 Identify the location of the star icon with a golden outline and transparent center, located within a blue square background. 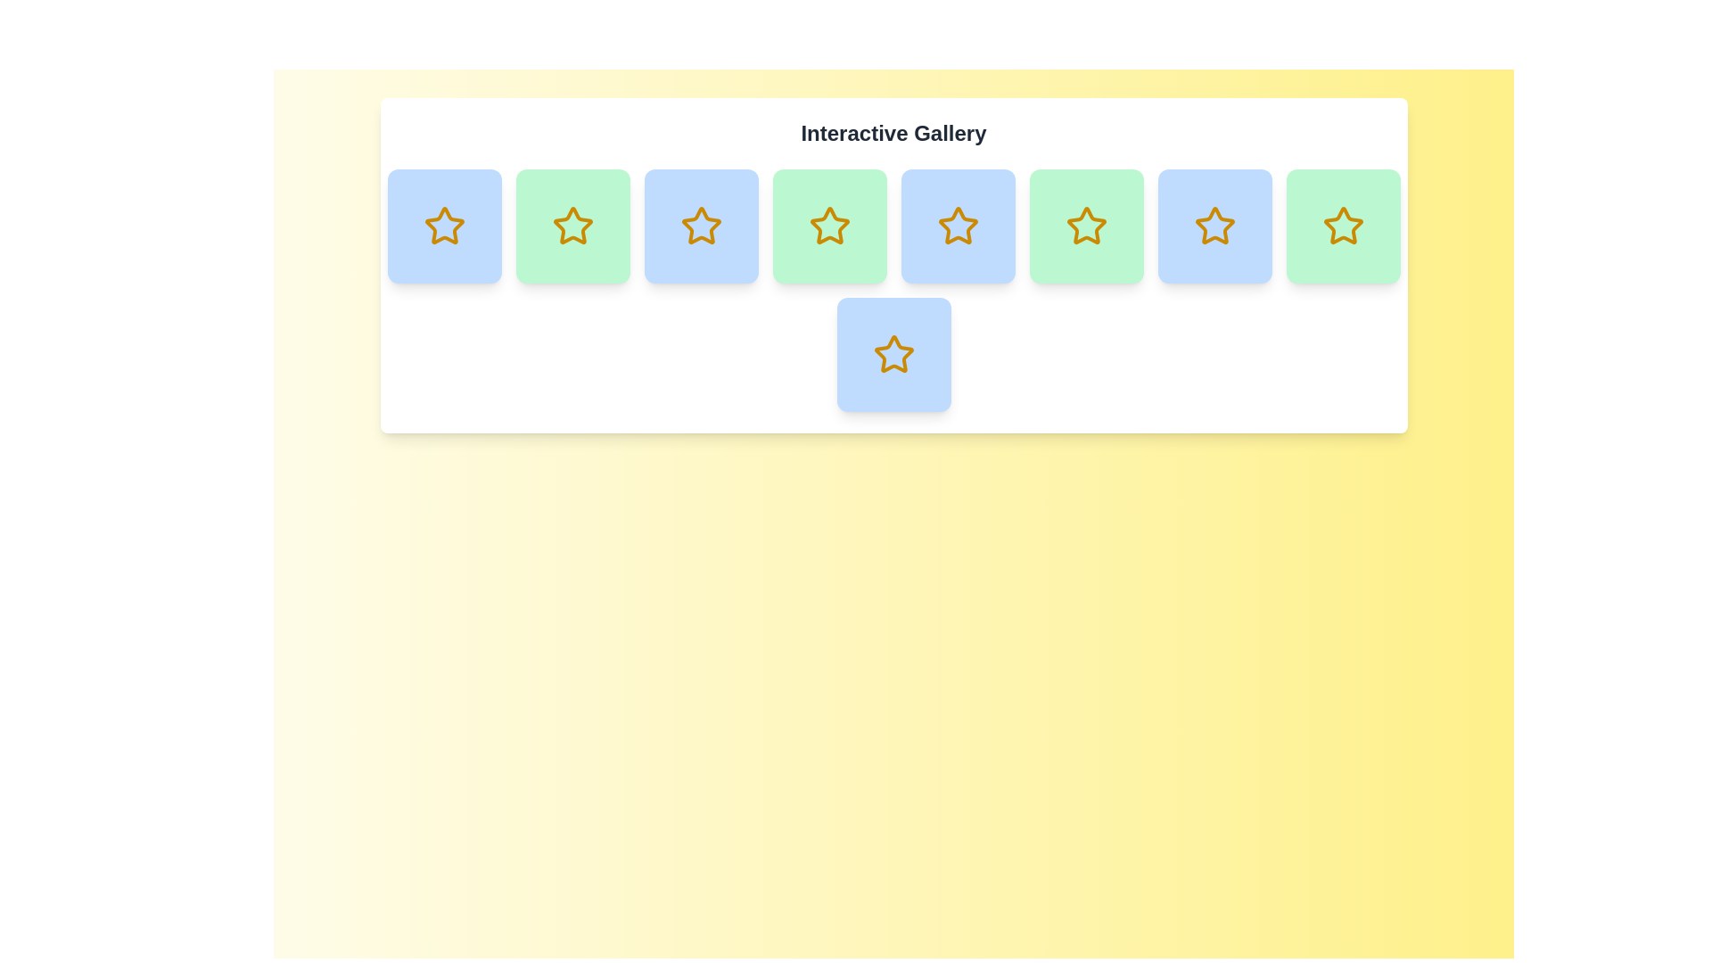
(700, 225).